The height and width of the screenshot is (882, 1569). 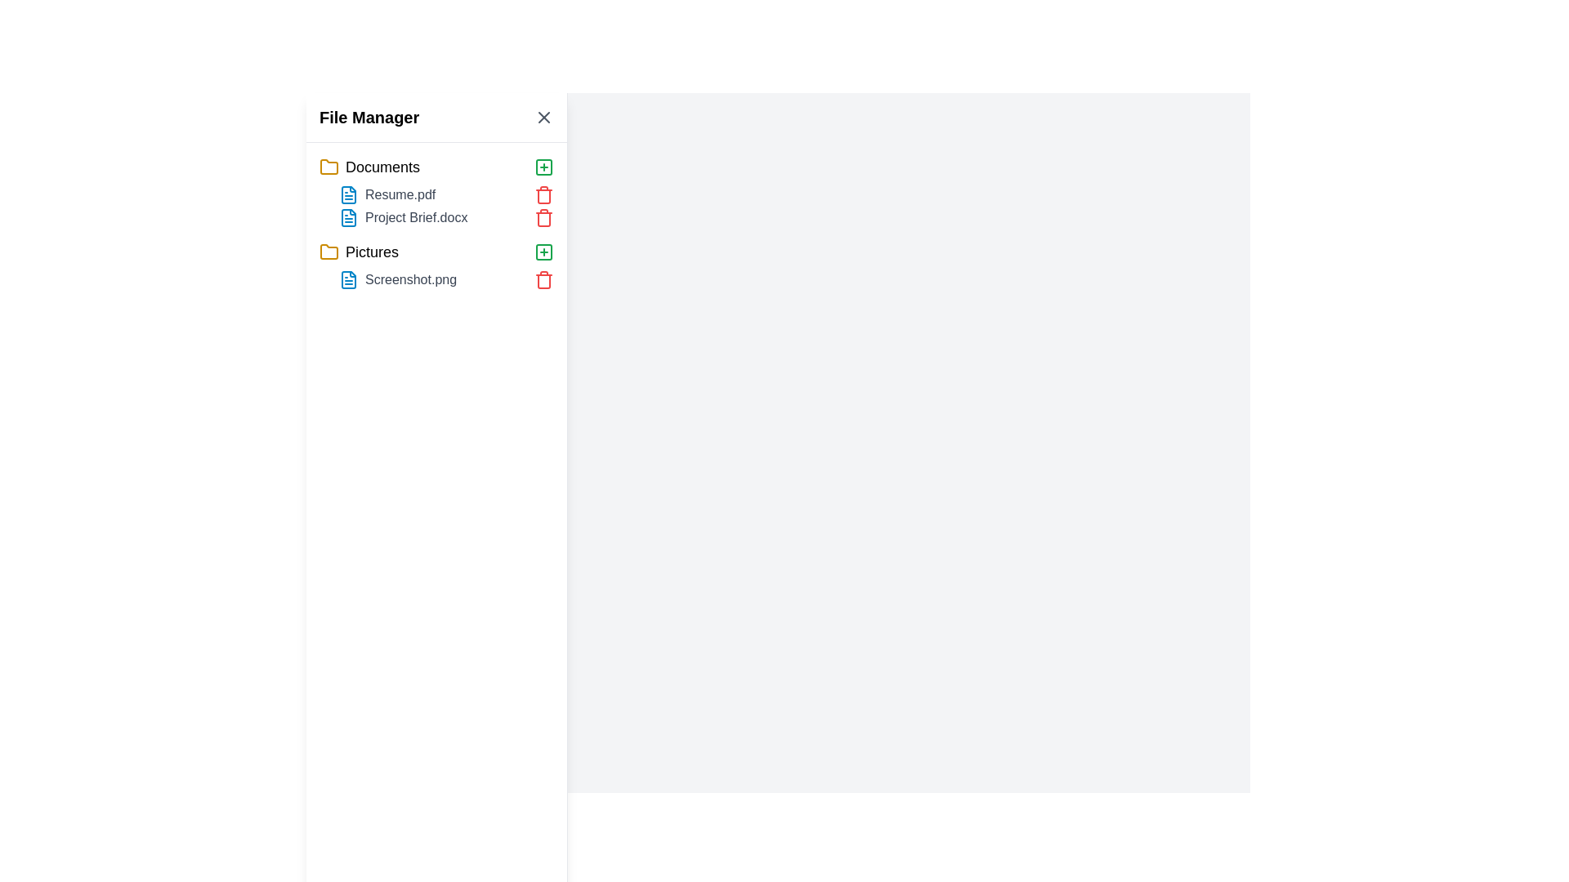 What do you see at coordinates (411, 279) in the screenshot?
I see `the static text label representing the name of a file in the 'Pictures' folder in the file manager, located between a file icon and a red trash icon` at bounding box center [411, 279].